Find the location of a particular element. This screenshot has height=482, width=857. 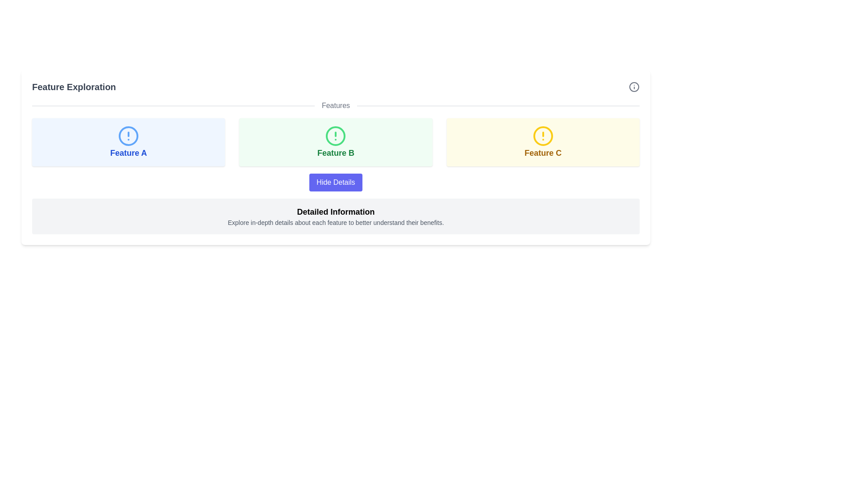

the circular graphic element of the orange alert icon within the 'Feature C' card is located at coordinates (542, 136).